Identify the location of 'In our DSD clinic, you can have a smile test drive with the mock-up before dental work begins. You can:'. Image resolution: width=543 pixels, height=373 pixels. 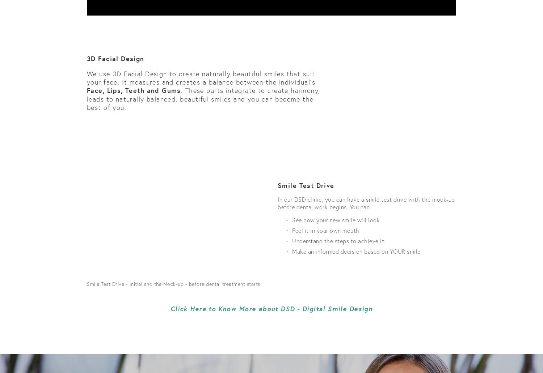
(367, 202).